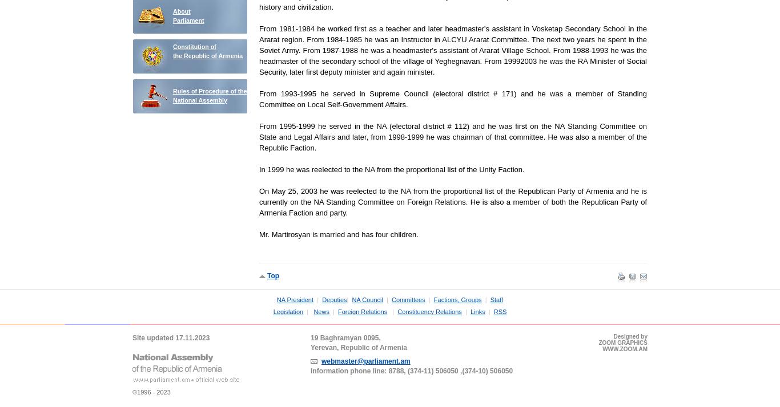 The image size is (780, 407). I want to click on 'Parliament', so click(188, 19).